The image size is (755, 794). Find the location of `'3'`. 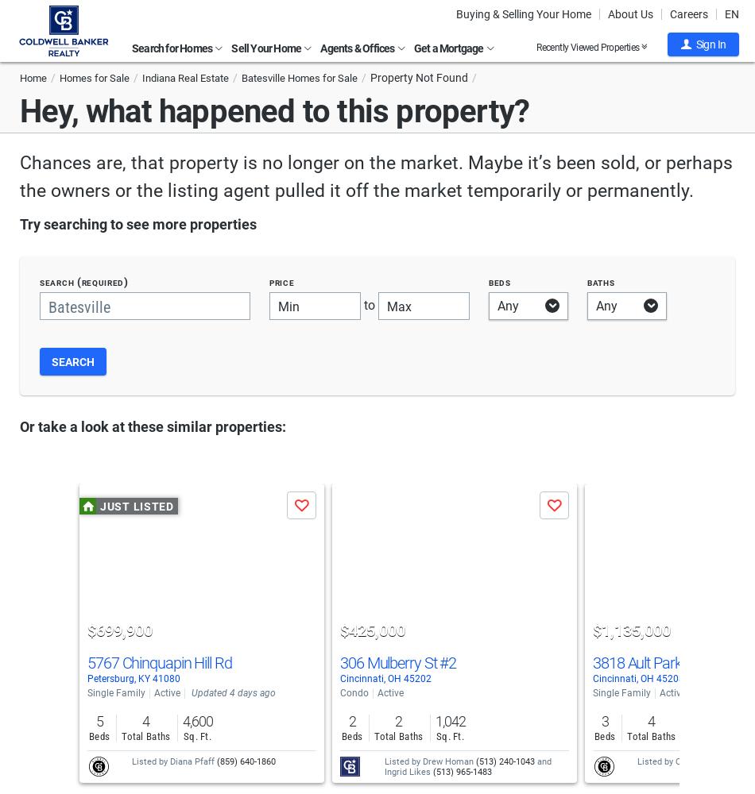

'3' is located at coordinates (603, 720).